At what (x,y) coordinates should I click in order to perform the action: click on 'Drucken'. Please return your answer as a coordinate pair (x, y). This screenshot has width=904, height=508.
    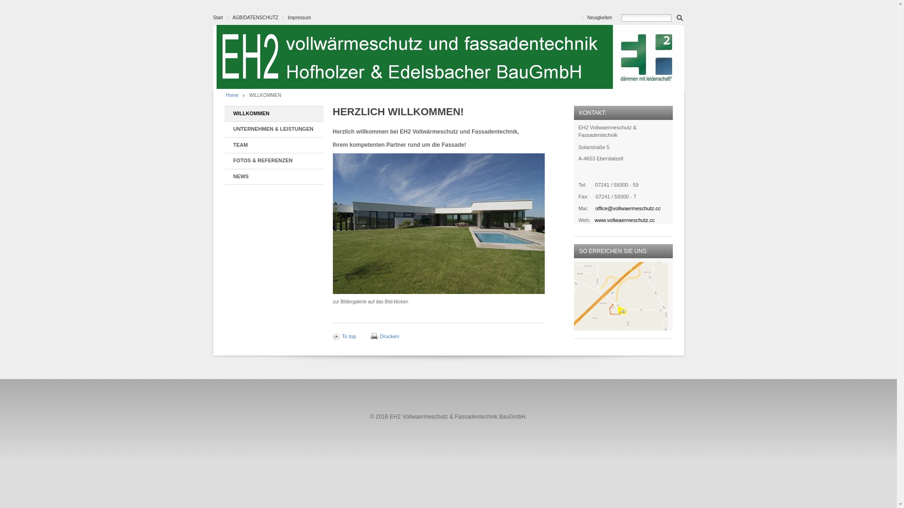
    Looking at the image, I should click on (385, 335).